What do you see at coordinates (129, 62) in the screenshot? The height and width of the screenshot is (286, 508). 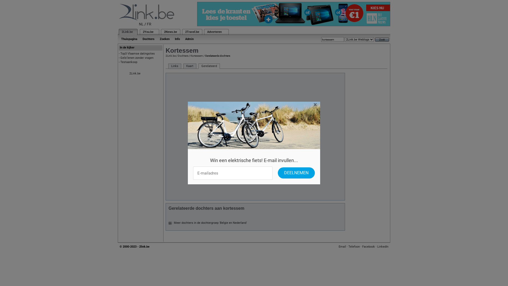 I see `'Testaankoop'` at bounding box center [129, 62].